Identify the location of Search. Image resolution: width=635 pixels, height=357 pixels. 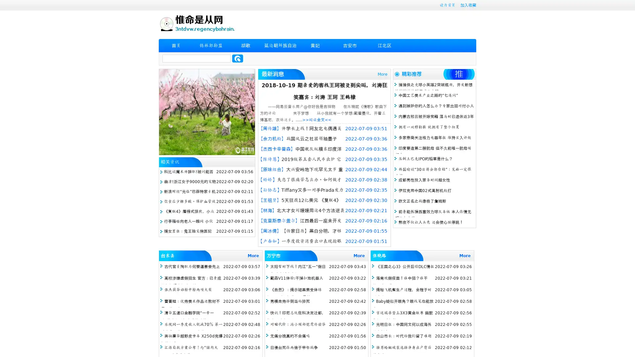
(237, 58).